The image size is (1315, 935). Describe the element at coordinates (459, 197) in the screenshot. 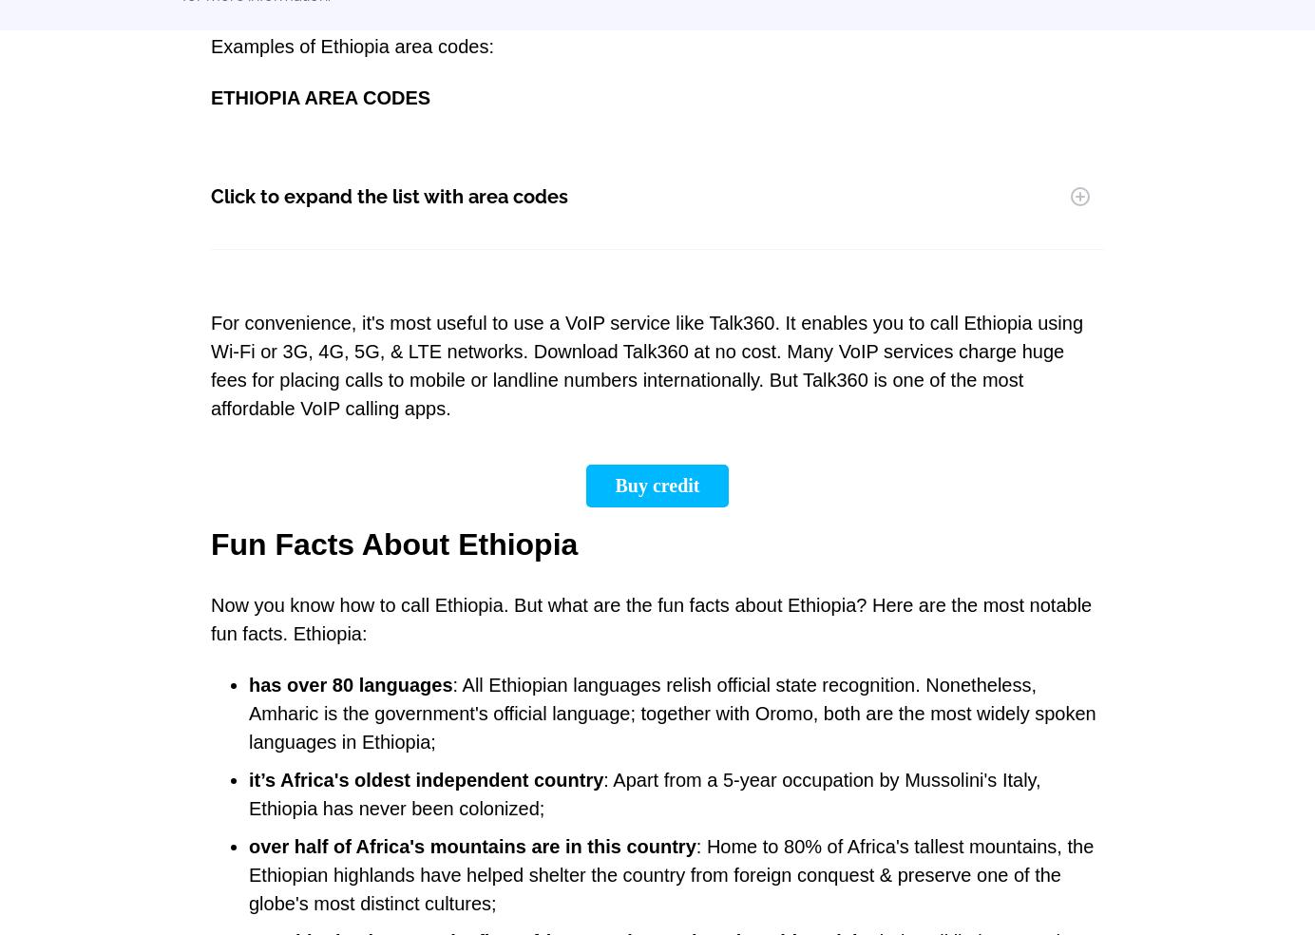

I see `'the list with area codes'` at that location.